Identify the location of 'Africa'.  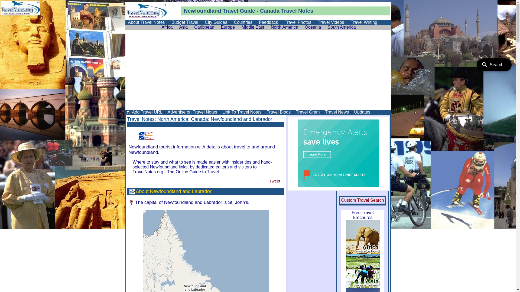
(167, 27).